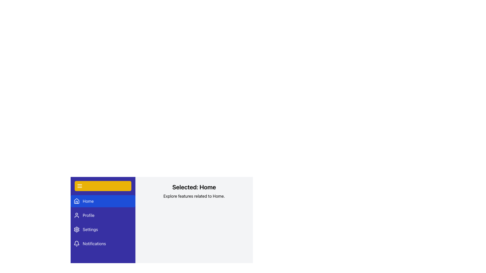 Image resolution: width=486 pixels, height=273 pixels. Describe the element at coordinates (76, 201) in the screenshot. I see `the 'Home' icon in the left sidebar menu, which is located immediately to the left of the text label 'Home'` at that location.